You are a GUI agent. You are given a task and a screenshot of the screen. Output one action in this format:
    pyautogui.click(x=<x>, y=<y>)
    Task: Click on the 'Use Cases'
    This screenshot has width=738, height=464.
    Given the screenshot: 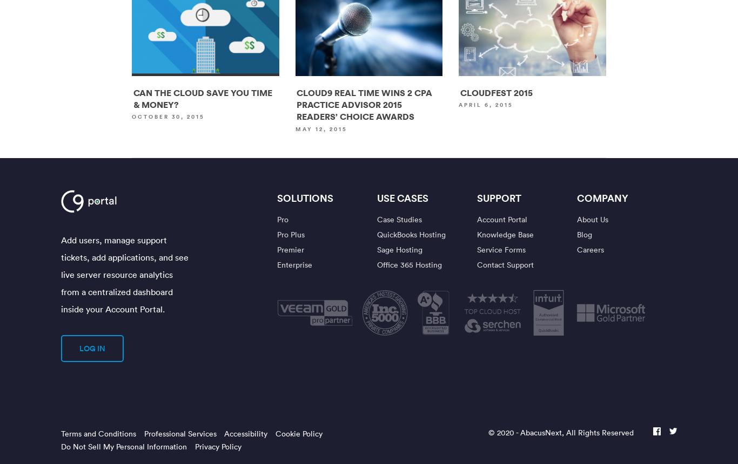 What is the action you would take?
    pyautogui.click(x=402, y=197)
    